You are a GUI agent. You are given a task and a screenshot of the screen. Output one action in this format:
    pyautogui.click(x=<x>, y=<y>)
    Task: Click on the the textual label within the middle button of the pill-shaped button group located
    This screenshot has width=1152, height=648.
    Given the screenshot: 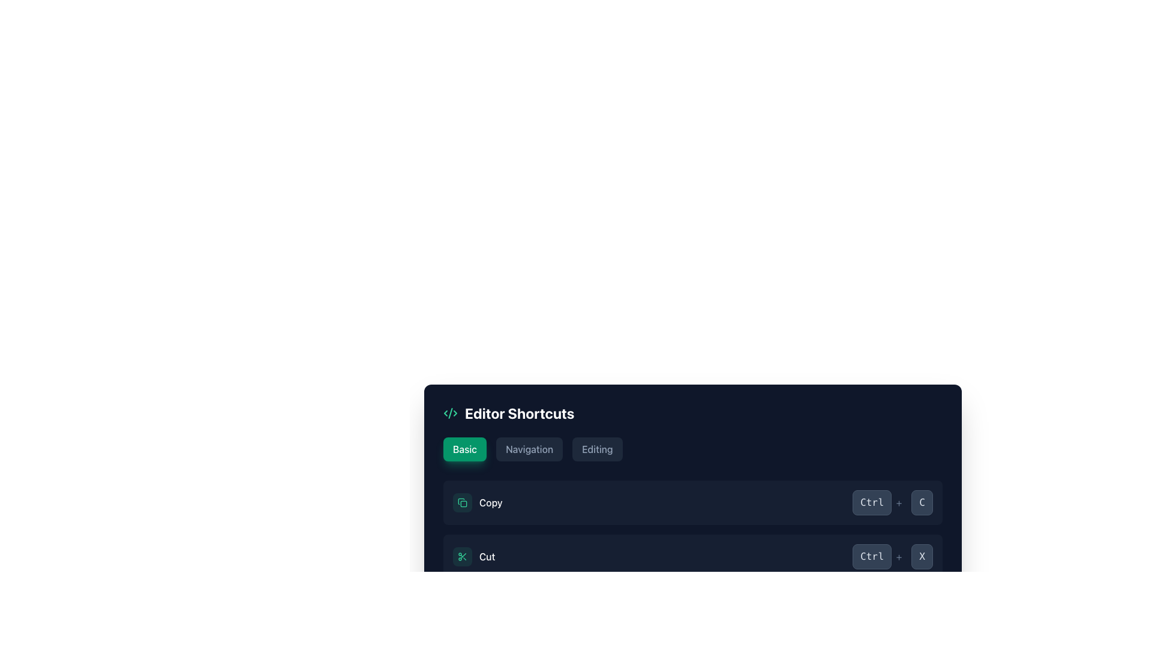 What is the action you would take?
    pyautogui.click(x=529, y=449)
    